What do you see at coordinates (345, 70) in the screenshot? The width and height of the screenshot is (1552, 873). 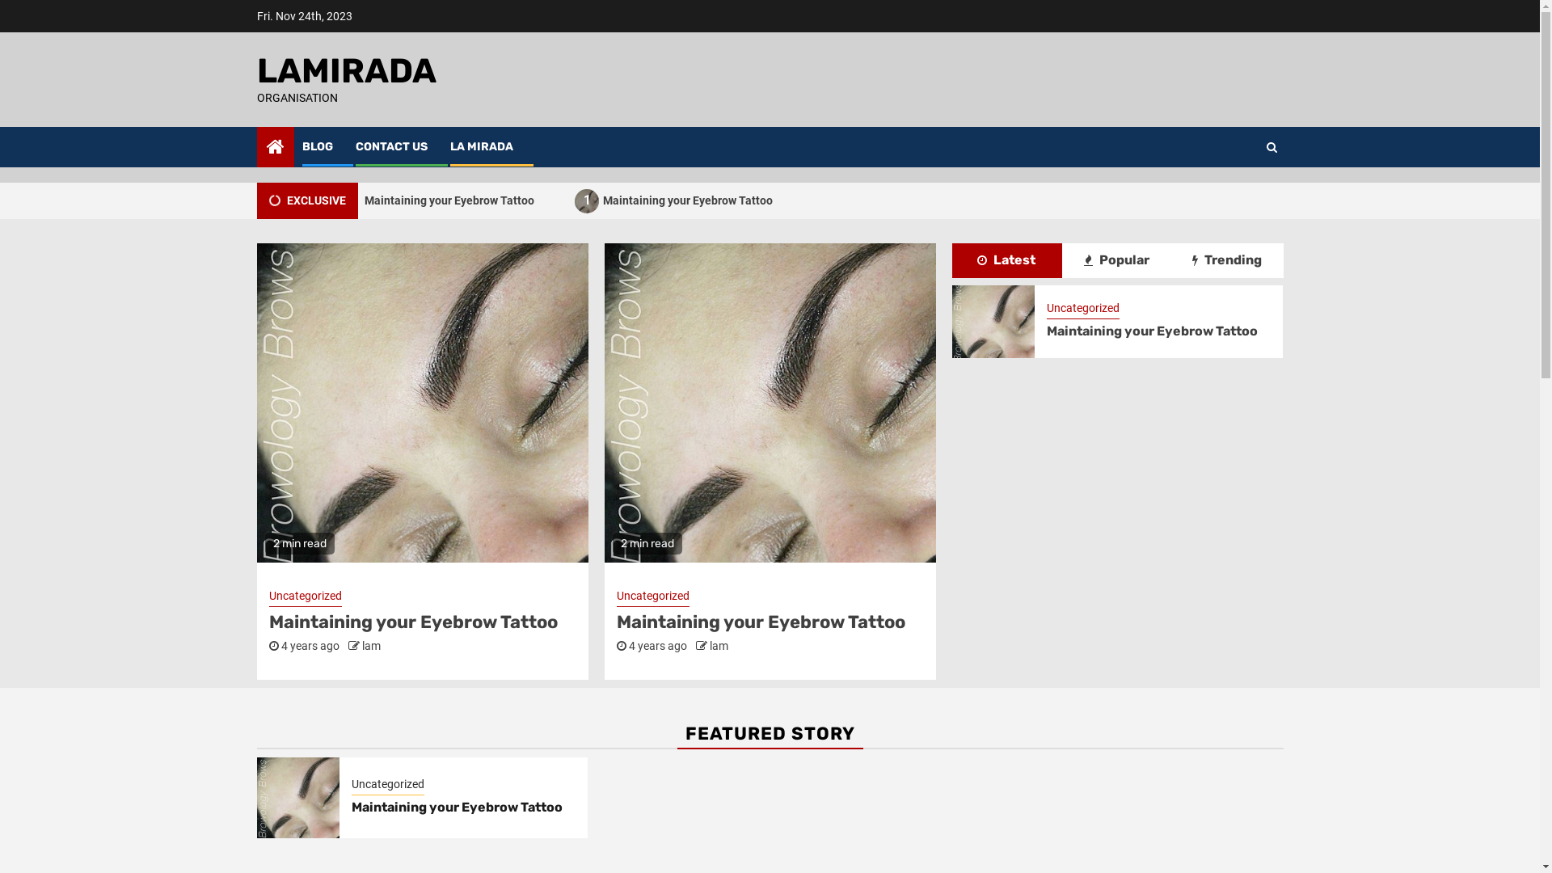 I see `'LAMIRADA'` at bounding box center [345, 70].